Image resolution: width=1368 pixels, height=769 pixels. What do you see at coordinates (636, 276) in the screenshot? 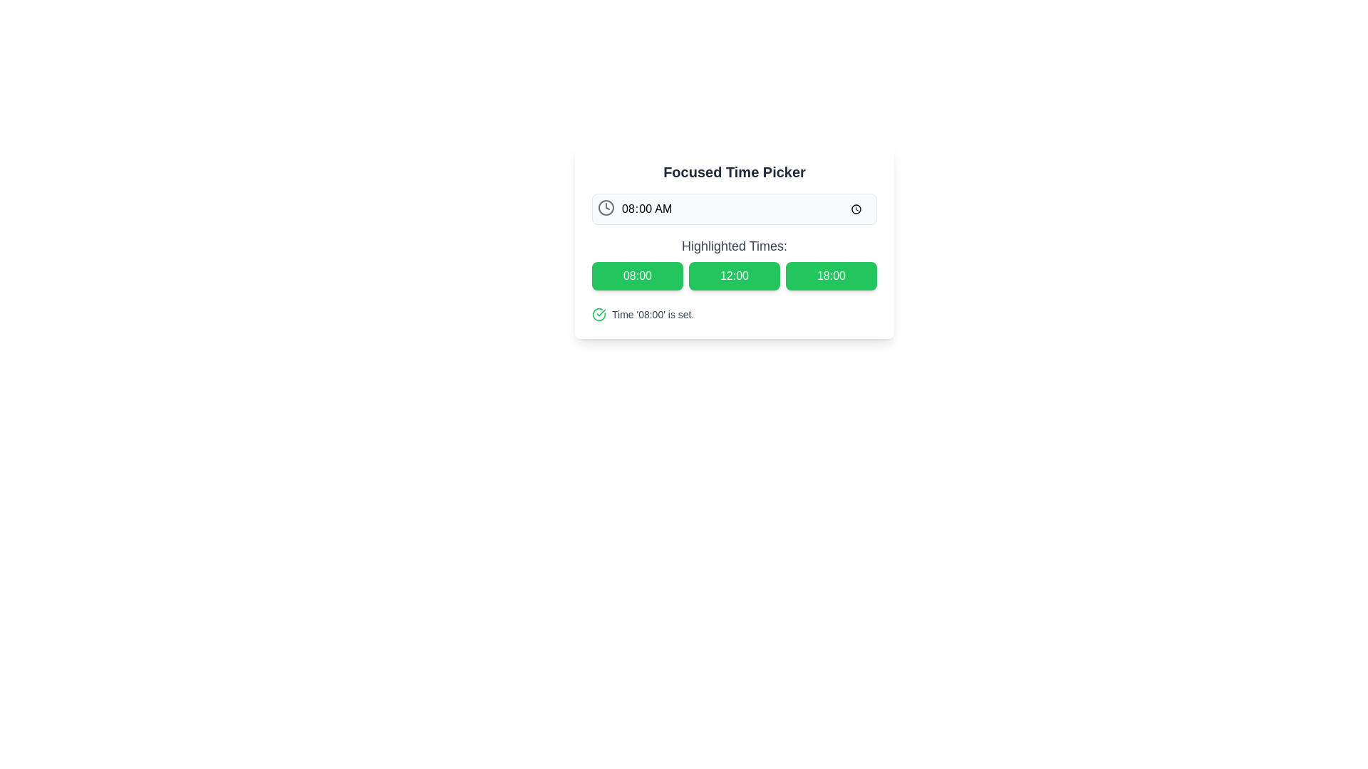
I see `the bright green button labeled '08:00', which is the leftmost button in a row of three` at bounding box center [636, 276].